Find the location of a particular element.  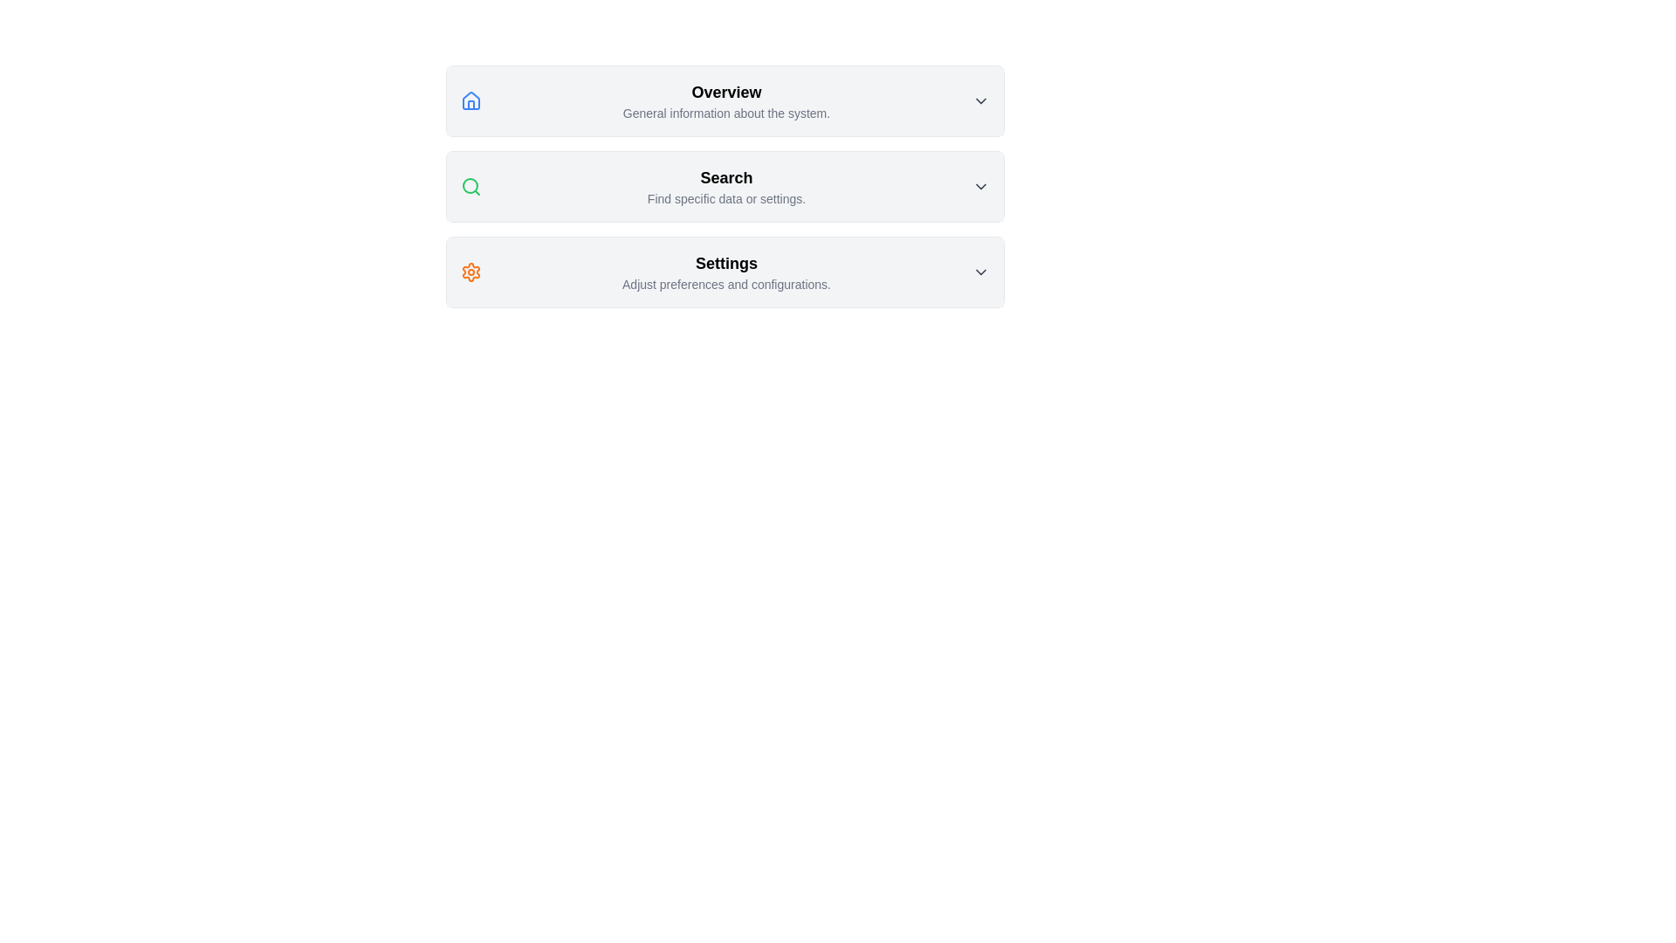

the icon representing the 'Overview' section located at the top-left corner of the interface is located at coordinates (471, 100).